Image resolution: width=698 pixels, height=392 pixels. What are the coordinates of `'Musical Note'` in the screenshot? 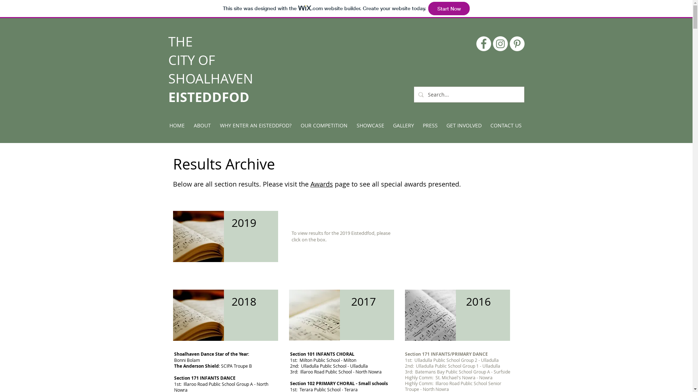 It's located at (314, 314).